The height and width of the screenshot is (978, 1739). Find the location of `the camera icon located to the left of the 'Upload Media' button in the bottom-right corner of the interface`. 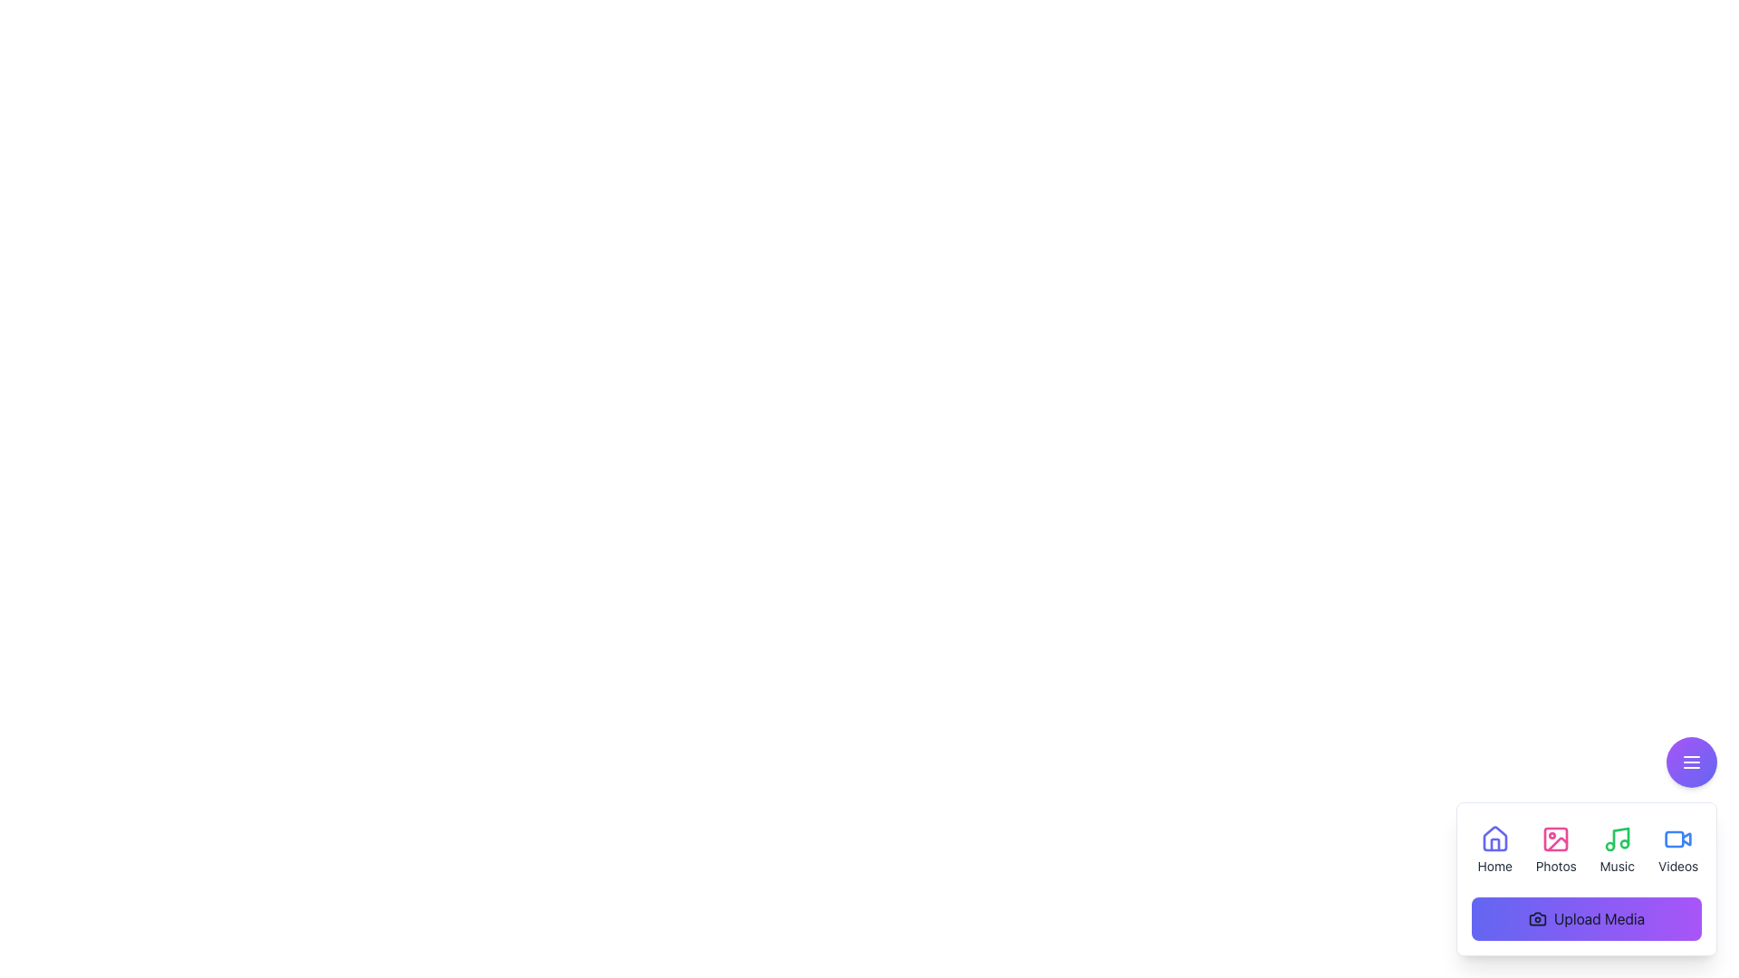

the camera icon located to the left of the 'Upload Media' button in the bottom-right corner of the interface is located at coordinates (1536, 918).